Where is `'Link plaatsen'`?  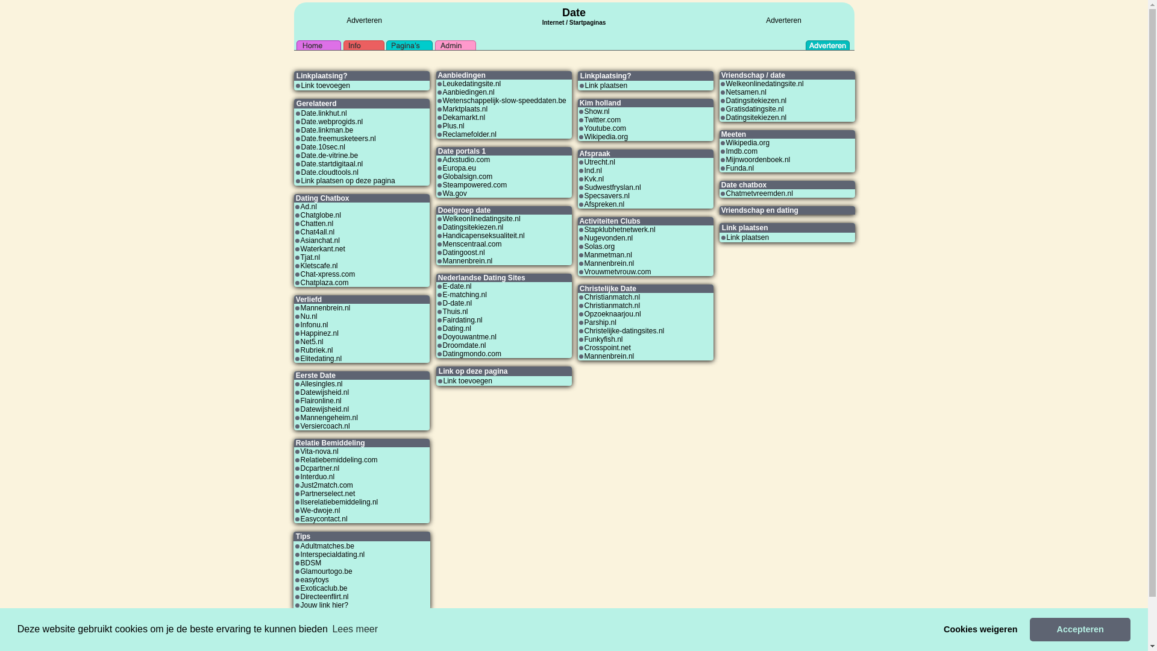
'Link plaatsen' is located at coordinates (747, 237).